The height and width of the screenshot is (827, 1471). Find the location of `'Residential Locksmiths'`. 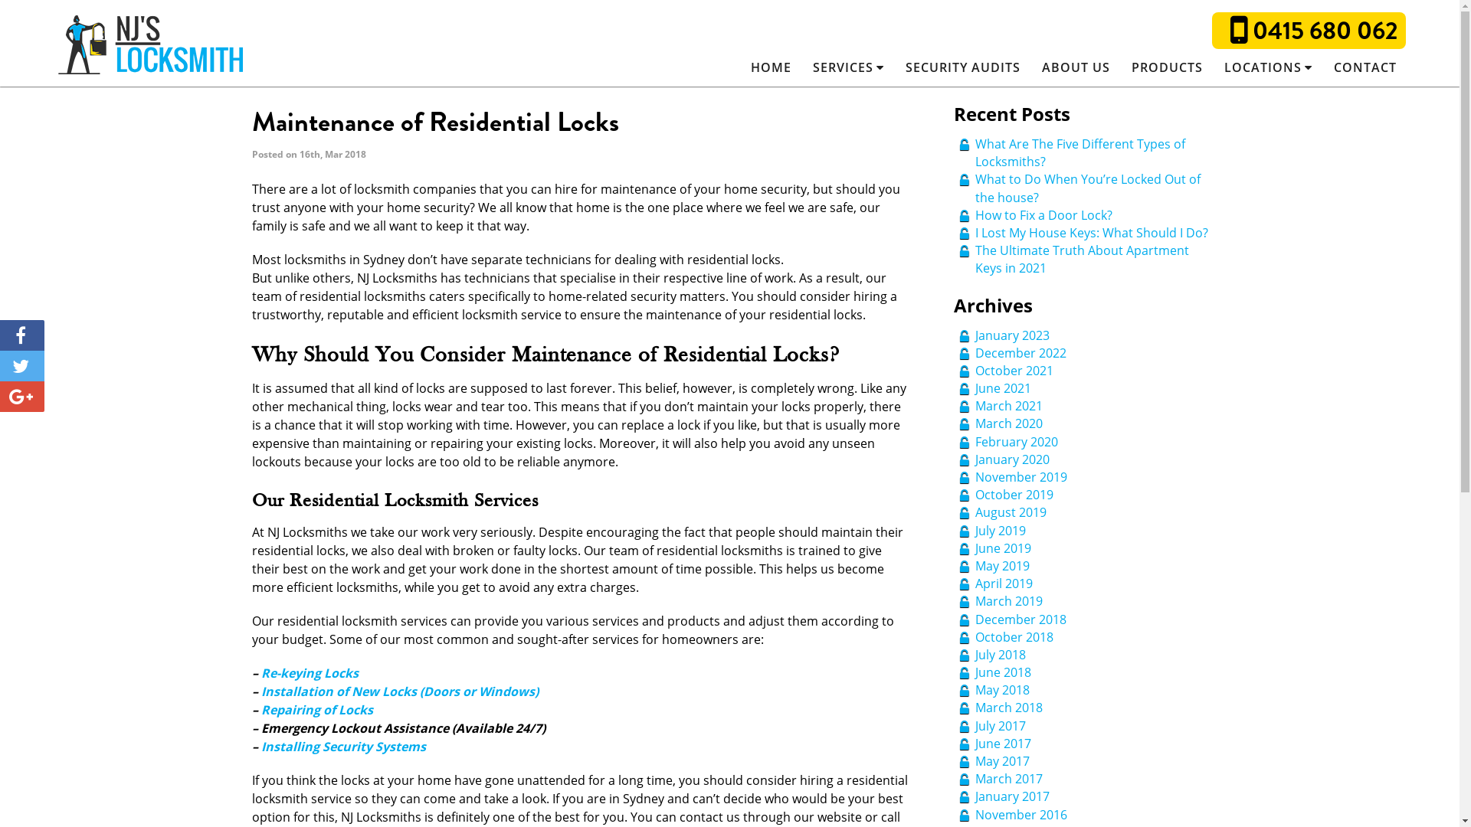

'Residential Locksmiths' is located at coordinates (897, 94).